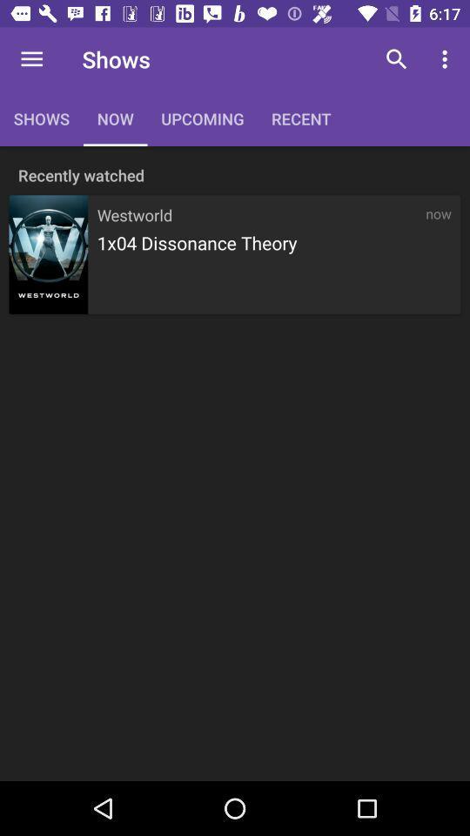 Image resolution: width=470 pixels, height=836 pixels. I want to click on icon above the now icon, so click(446, 59).